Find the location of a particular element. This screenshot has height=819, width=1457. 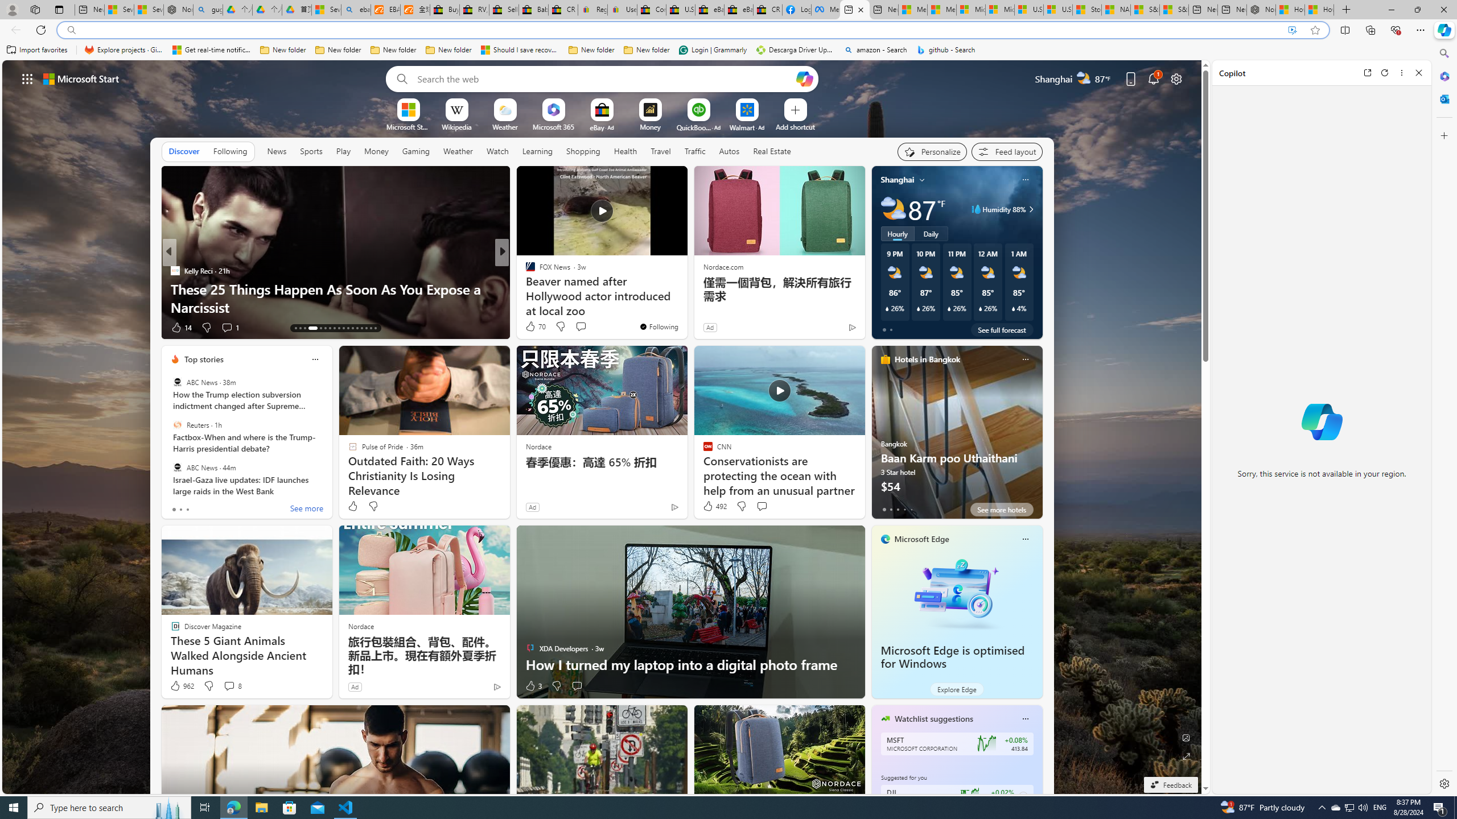

'Microsoft Edge is optimised for Windows' is located at coordinates (956, 592).